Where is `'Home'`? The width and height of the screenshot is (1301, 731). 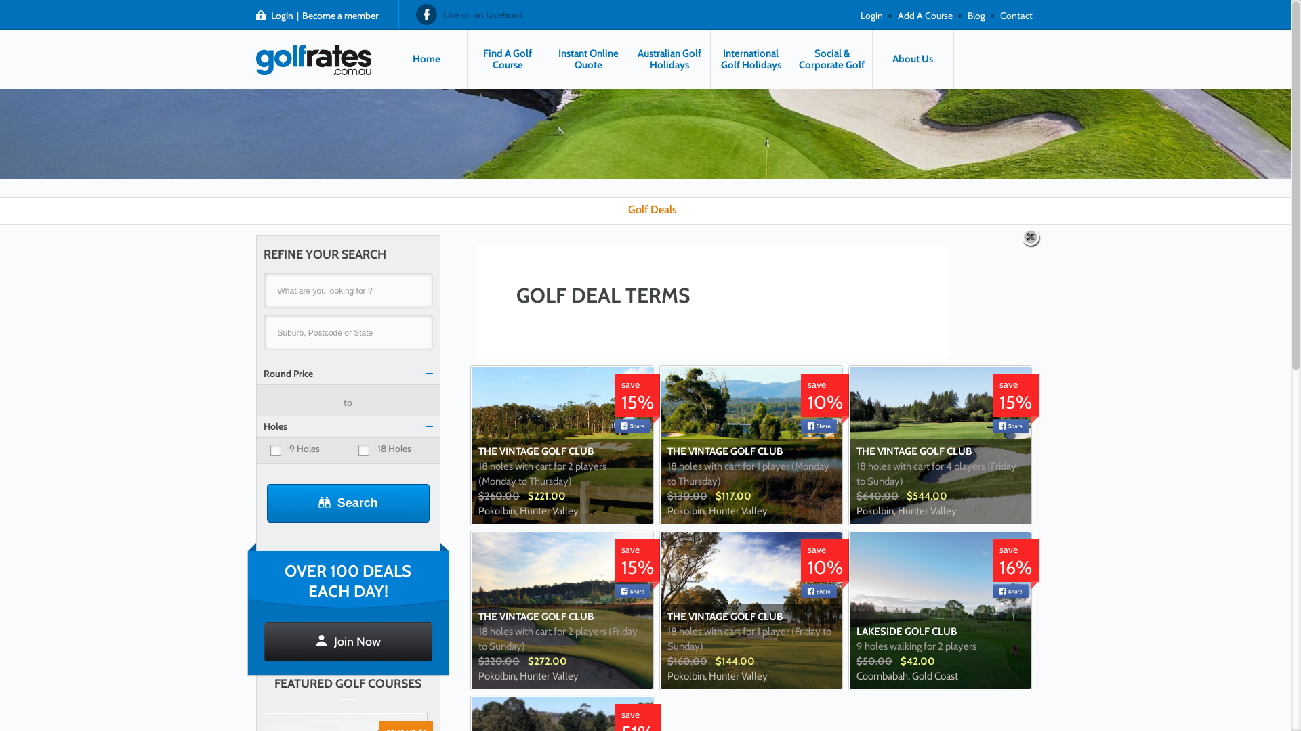
'Home' is located at coordinates (426, 58).